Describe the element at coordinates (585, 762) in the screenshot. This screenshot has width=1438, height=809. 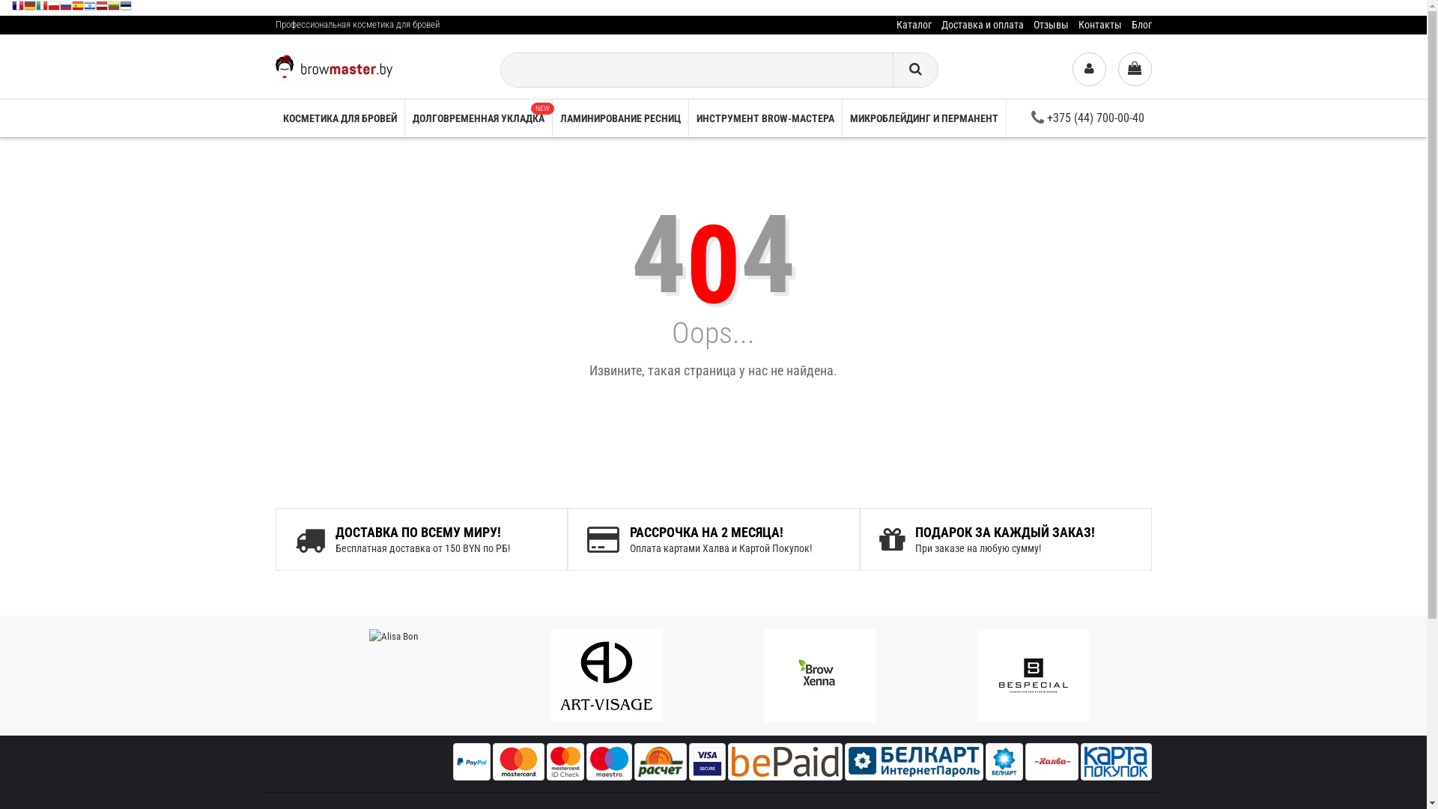
I see `'Maestro'` at that location.